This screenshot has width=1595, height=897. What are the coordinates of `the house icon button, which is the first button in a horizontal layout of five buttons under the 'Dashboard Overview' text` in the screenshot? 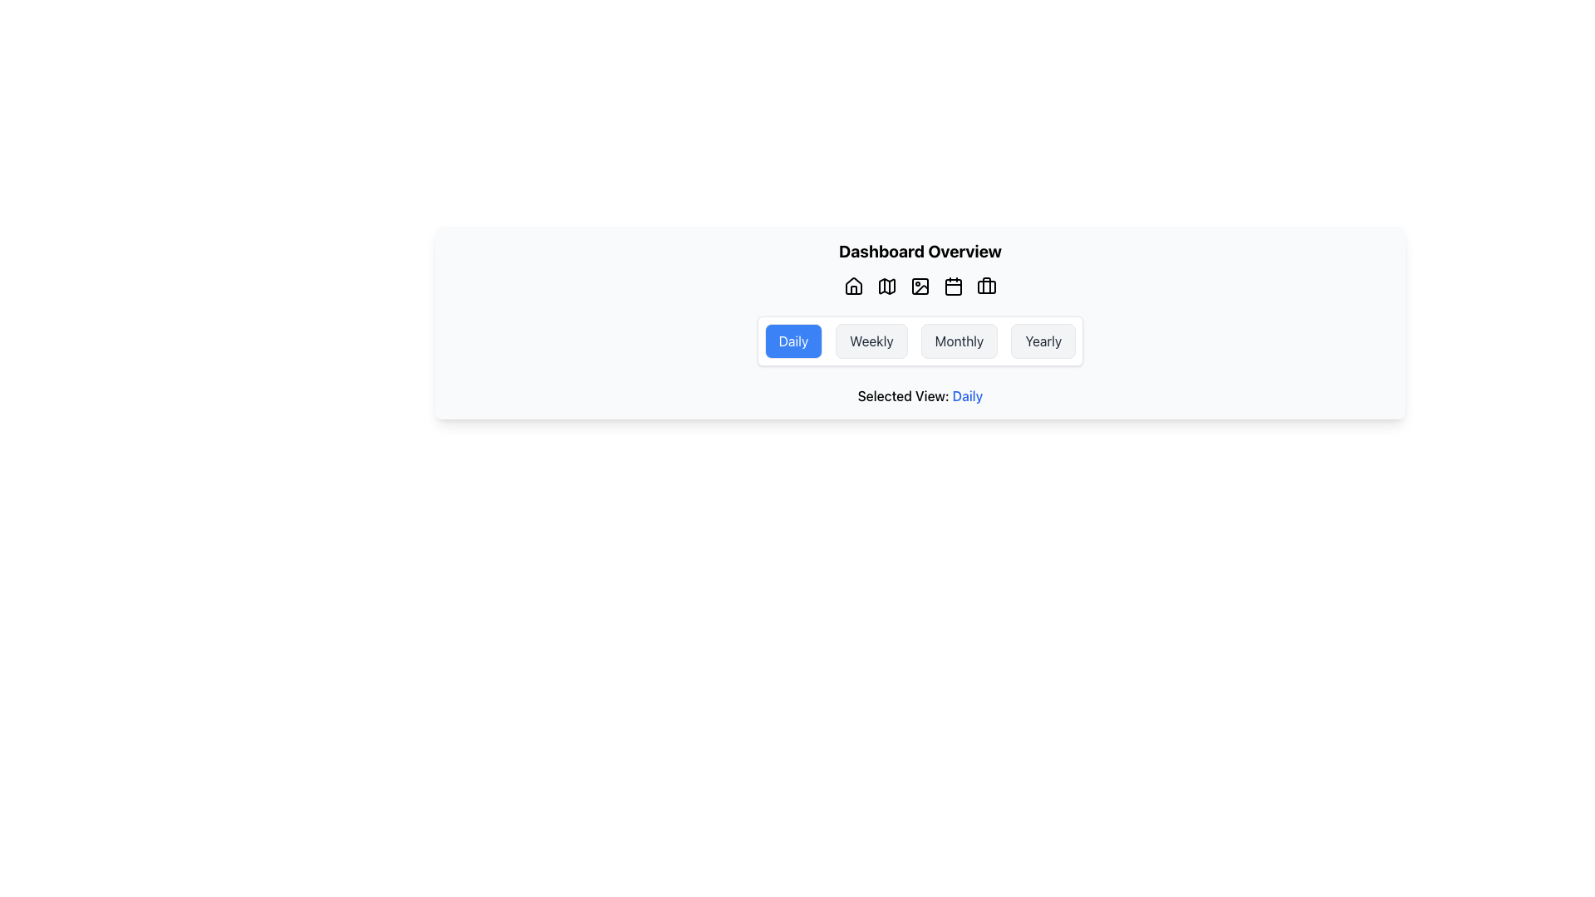 It's located at (853, 285).